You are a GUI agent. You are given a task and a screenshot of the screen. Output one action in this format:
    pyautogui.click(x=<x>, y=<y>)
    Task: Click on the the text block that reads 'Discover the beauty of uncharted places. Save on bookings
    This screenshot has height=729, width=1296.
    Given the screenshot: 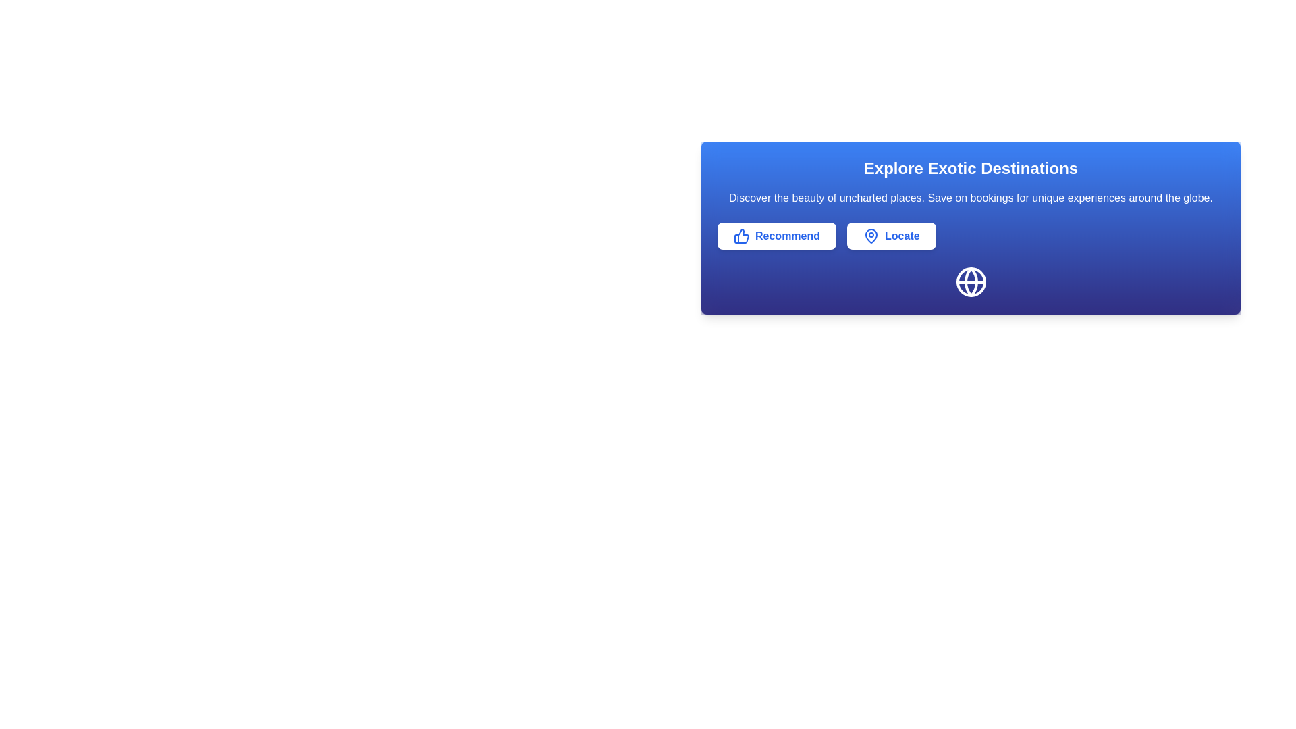 What is the action you would take?
    pyautogui.click(x=970, y=198)
    